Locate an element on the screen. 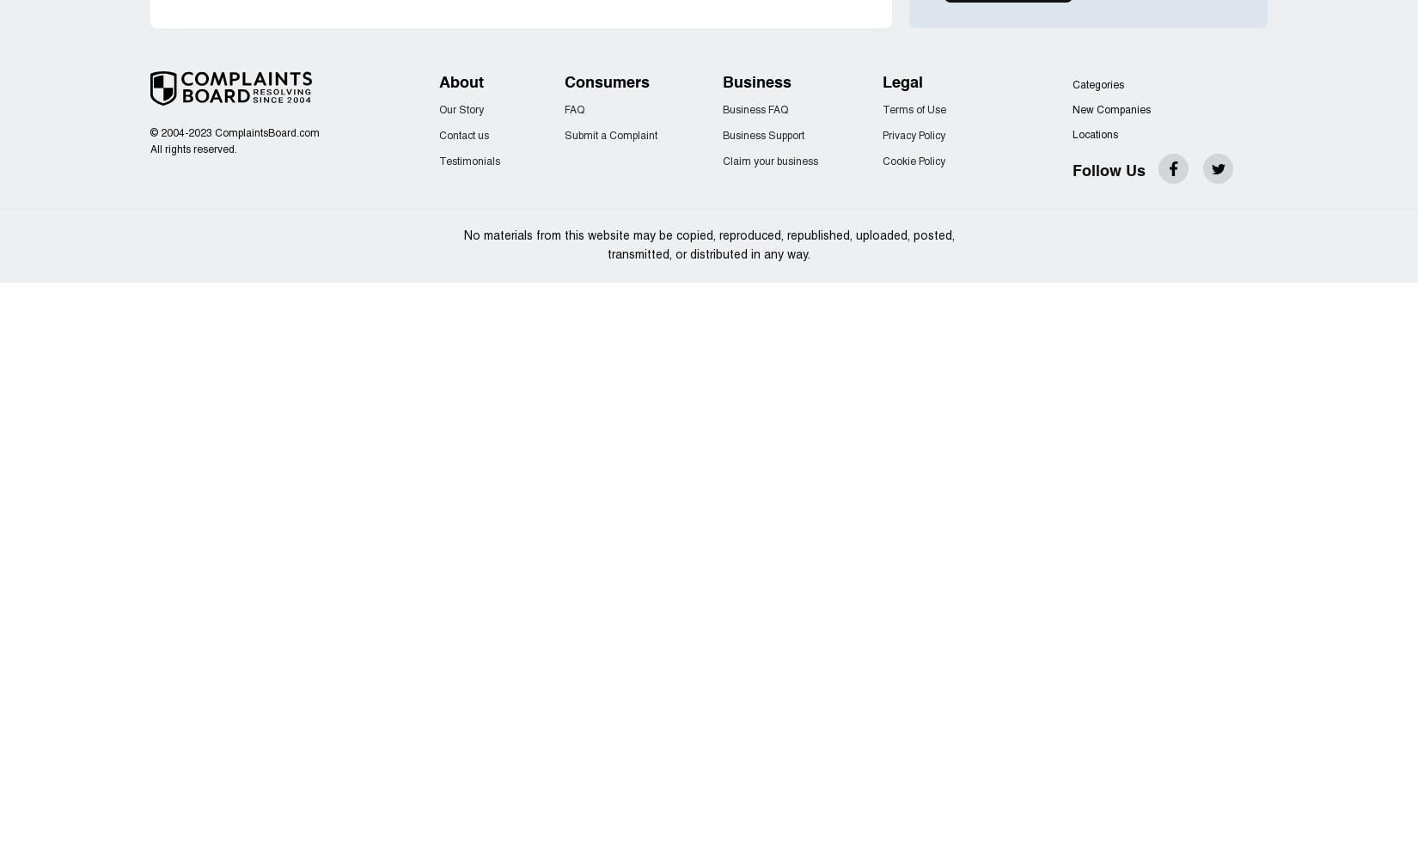 The height and width of the screenshot is (859, 1418). 'Claim your business' is located at coordinates (769, 161).